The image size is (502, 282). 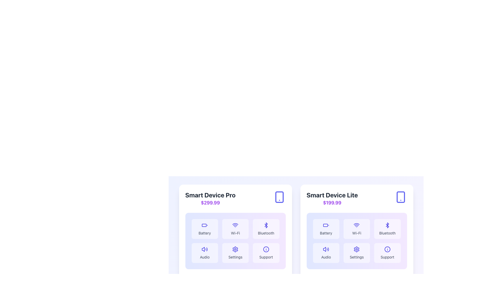 I want to click on the 'Audio' text label, which is a small gray text positioned centrally below a speaker icon in the 'Smart Device Lite' section, so click(x=326, y=257).